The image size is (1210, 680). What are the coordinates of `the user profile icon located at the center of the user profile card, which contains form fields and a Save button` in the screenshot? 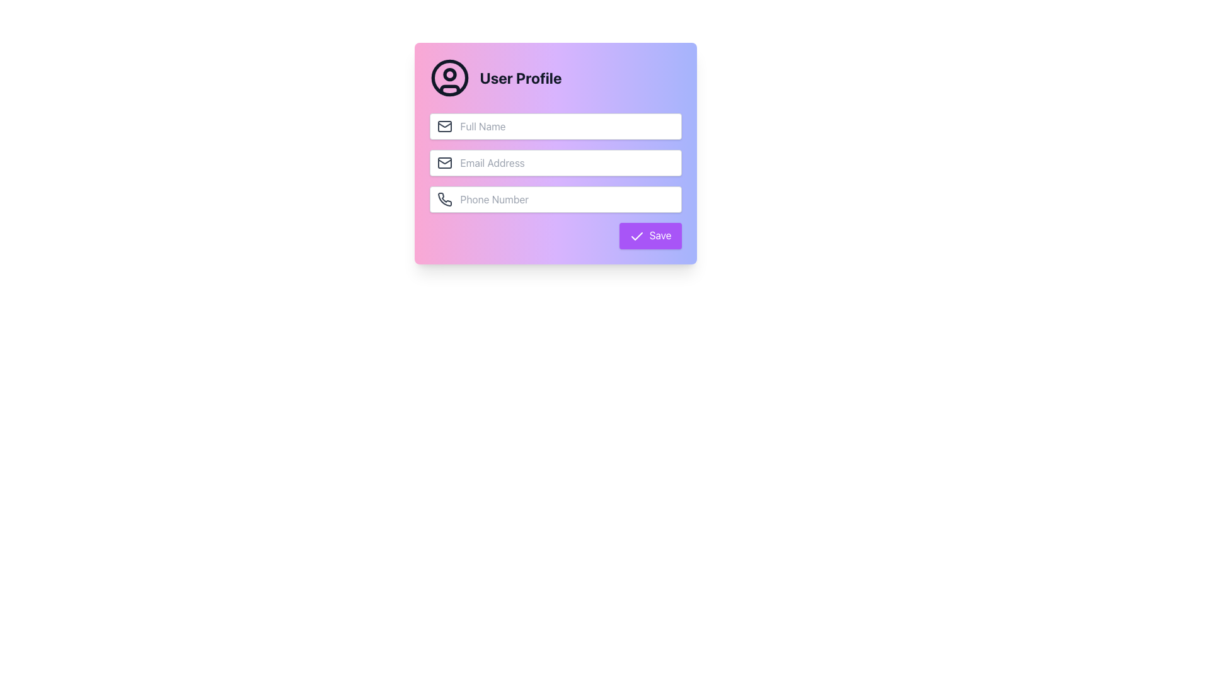 It's located at (449, 77).